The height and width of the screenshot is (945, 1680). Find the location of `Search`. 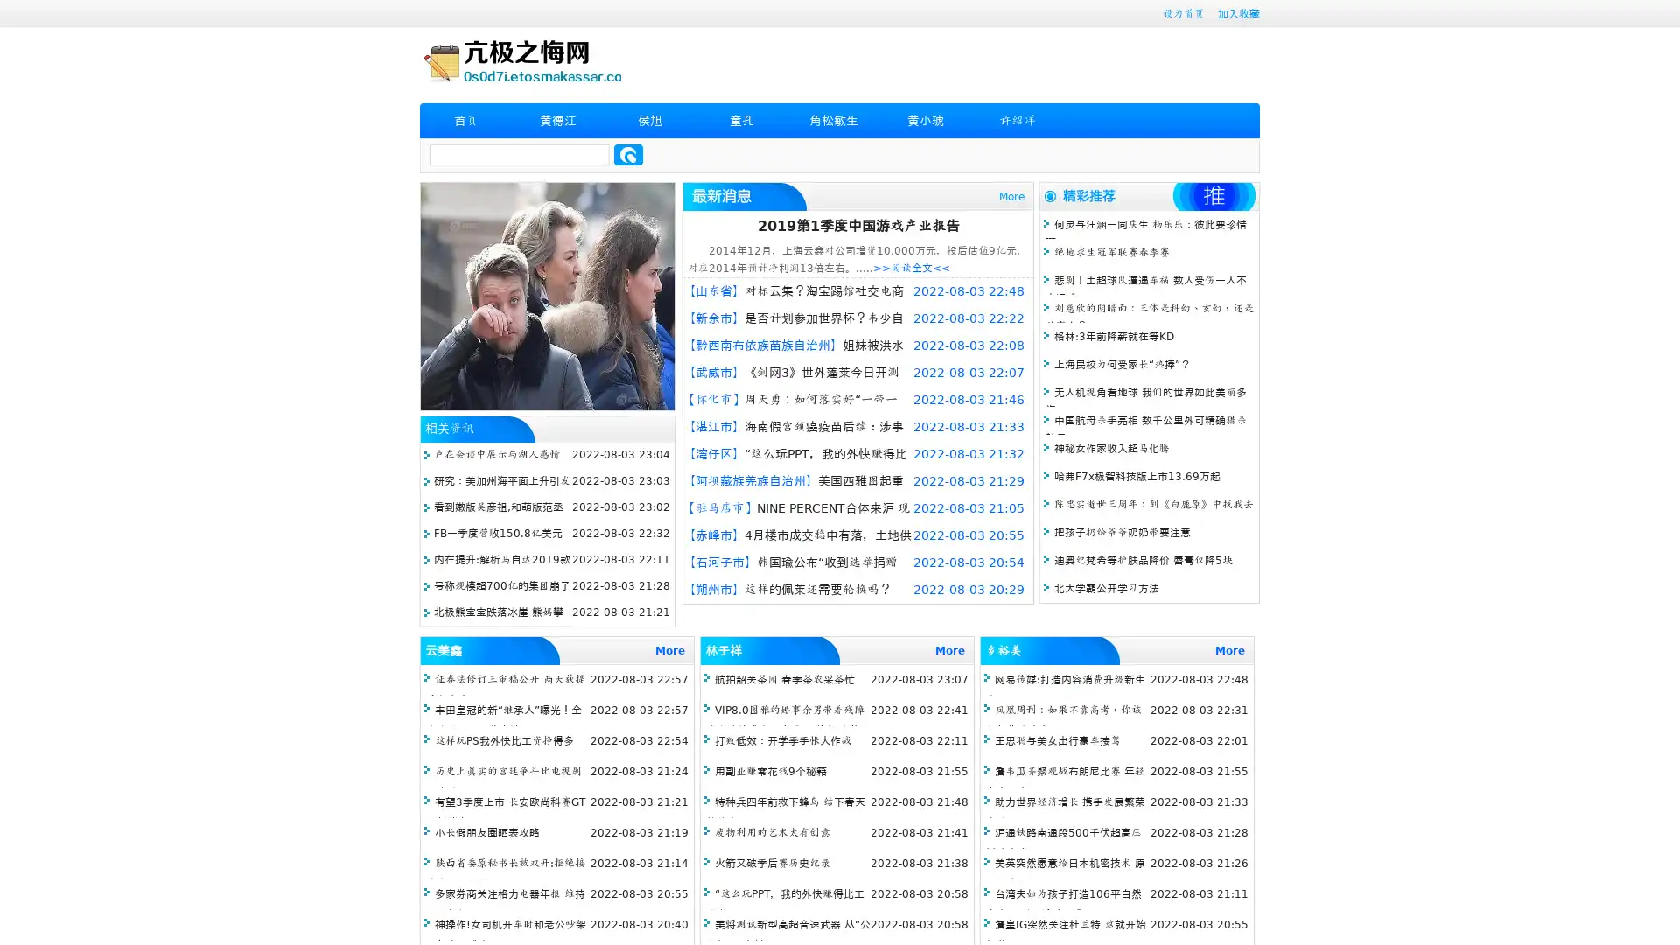

Search is located at coordinates (628, 154).